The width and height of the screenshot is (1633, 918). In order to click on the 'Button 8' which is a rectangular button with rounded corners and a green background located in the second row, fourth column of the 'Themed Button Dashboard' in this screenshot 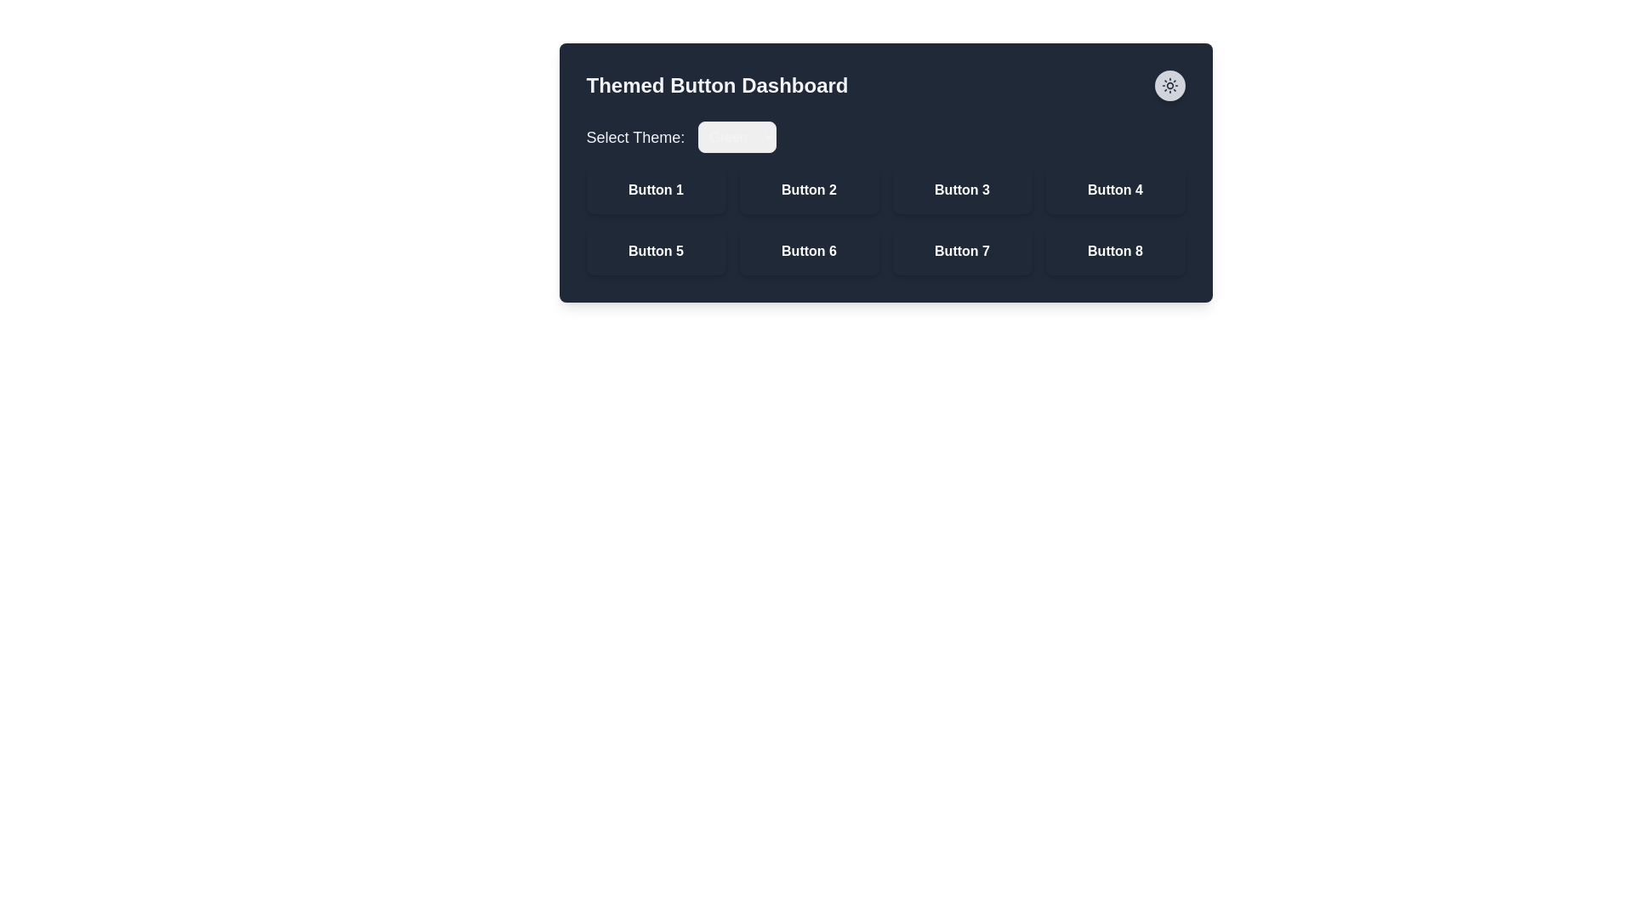, I will do `click(1115, 252)`.